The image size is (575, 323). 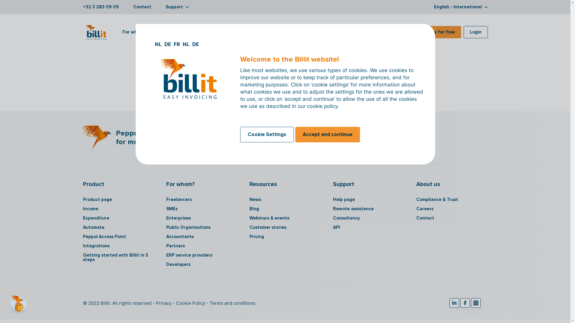 I want to click on 'NL', so click(x=158, y=44).